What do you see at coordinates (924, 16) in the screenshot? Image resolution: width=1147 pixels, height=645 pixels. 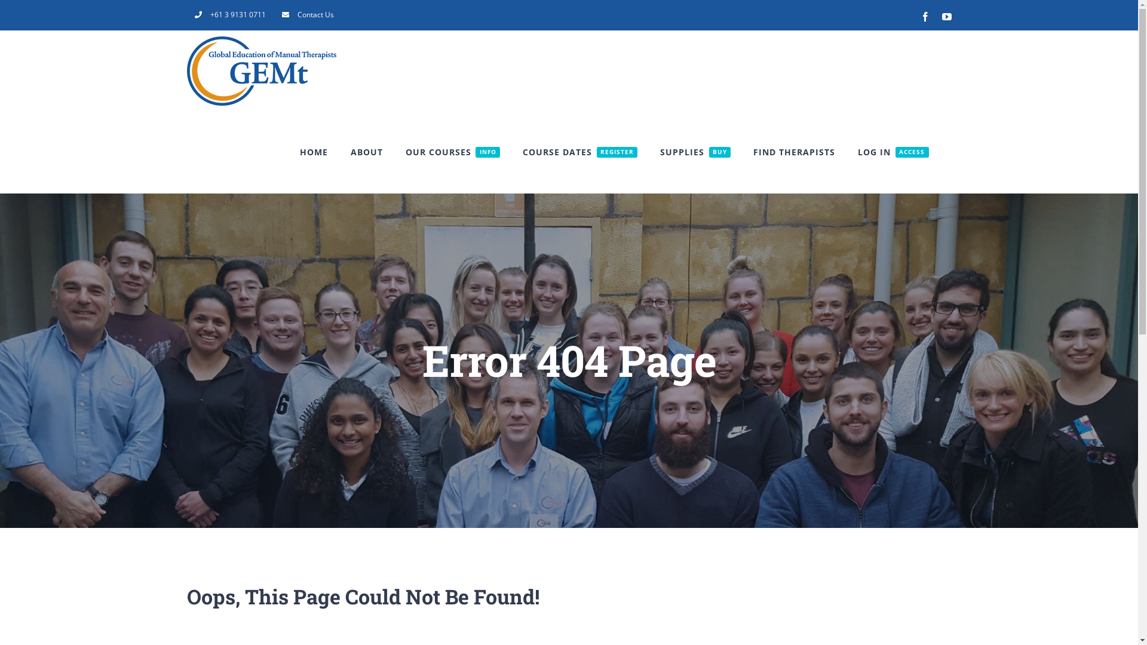 I see `'Facebook'` at bounding box center [924, 16].